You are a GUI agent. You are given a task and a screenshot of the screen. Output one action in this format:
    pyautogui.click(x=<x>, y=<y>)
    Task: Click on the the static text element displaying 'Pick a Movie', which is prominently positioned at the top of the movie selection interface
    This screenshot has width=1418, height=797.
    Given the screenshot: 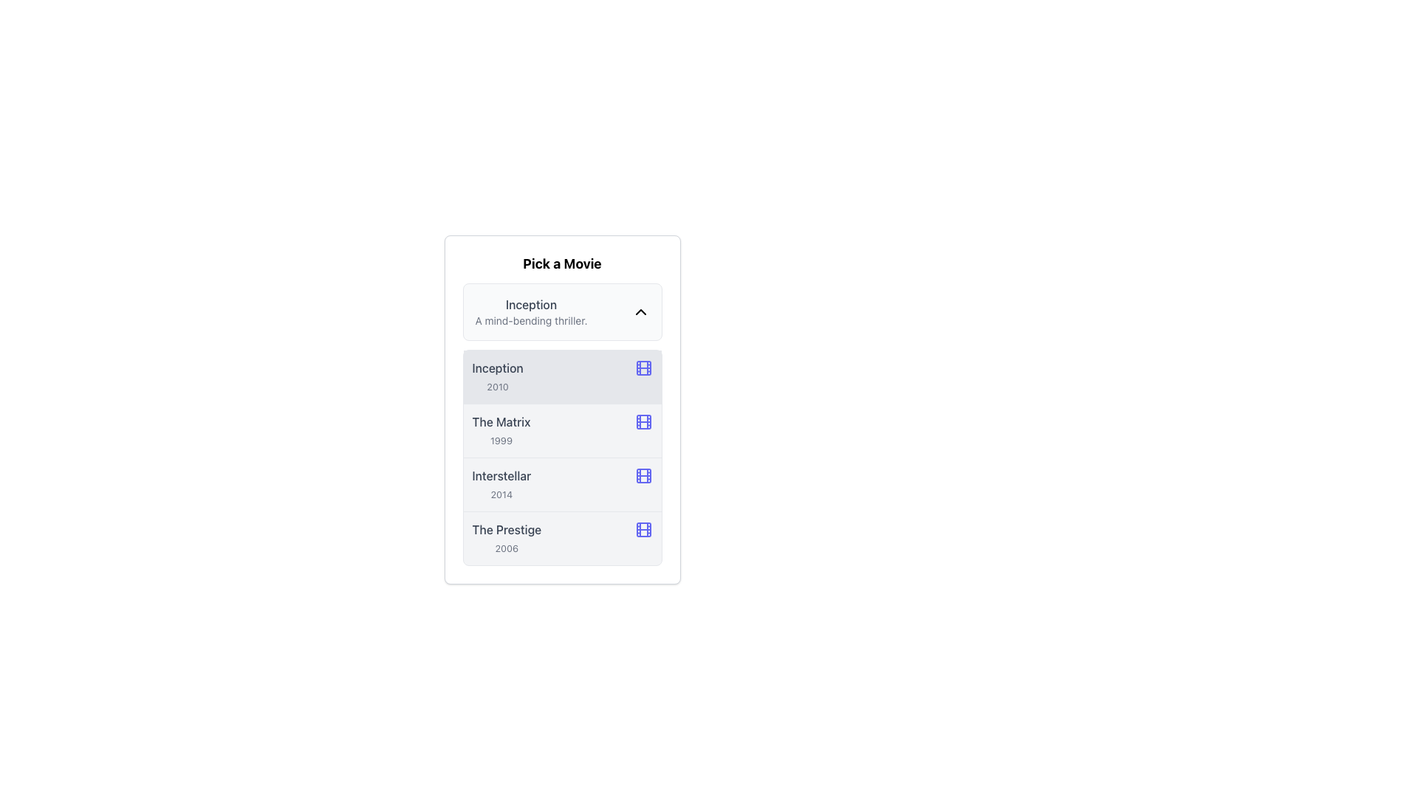 What is the action you would take?
    pyautogui.click(x=561, y=263)
    